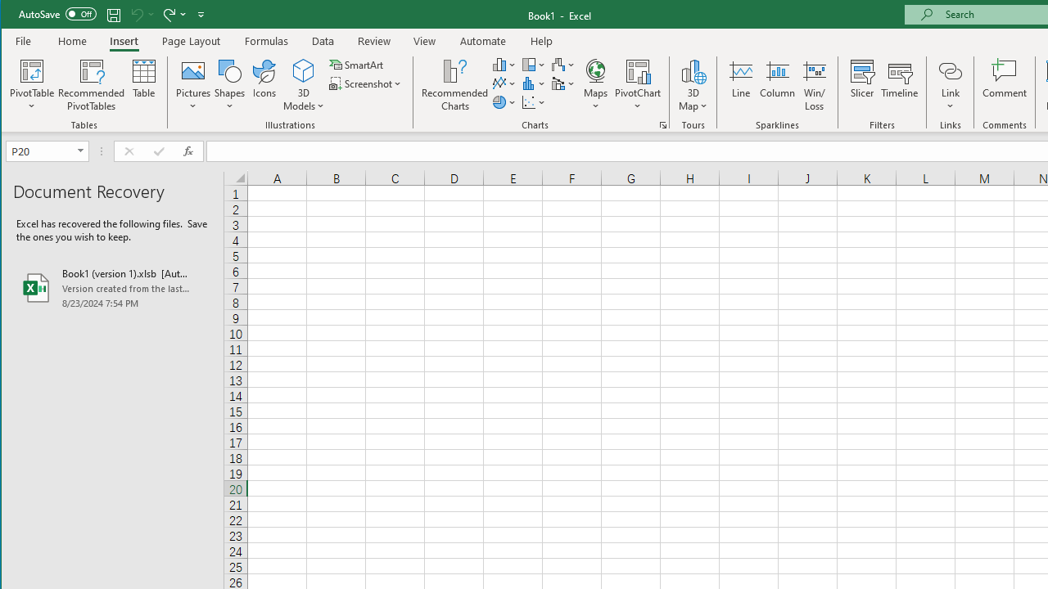 This screenshot has width=1048, height=589. What do you see at coordinates (693, 85) in the screenshot?
I see `'3D Map'` at bounding box center [693, 85].